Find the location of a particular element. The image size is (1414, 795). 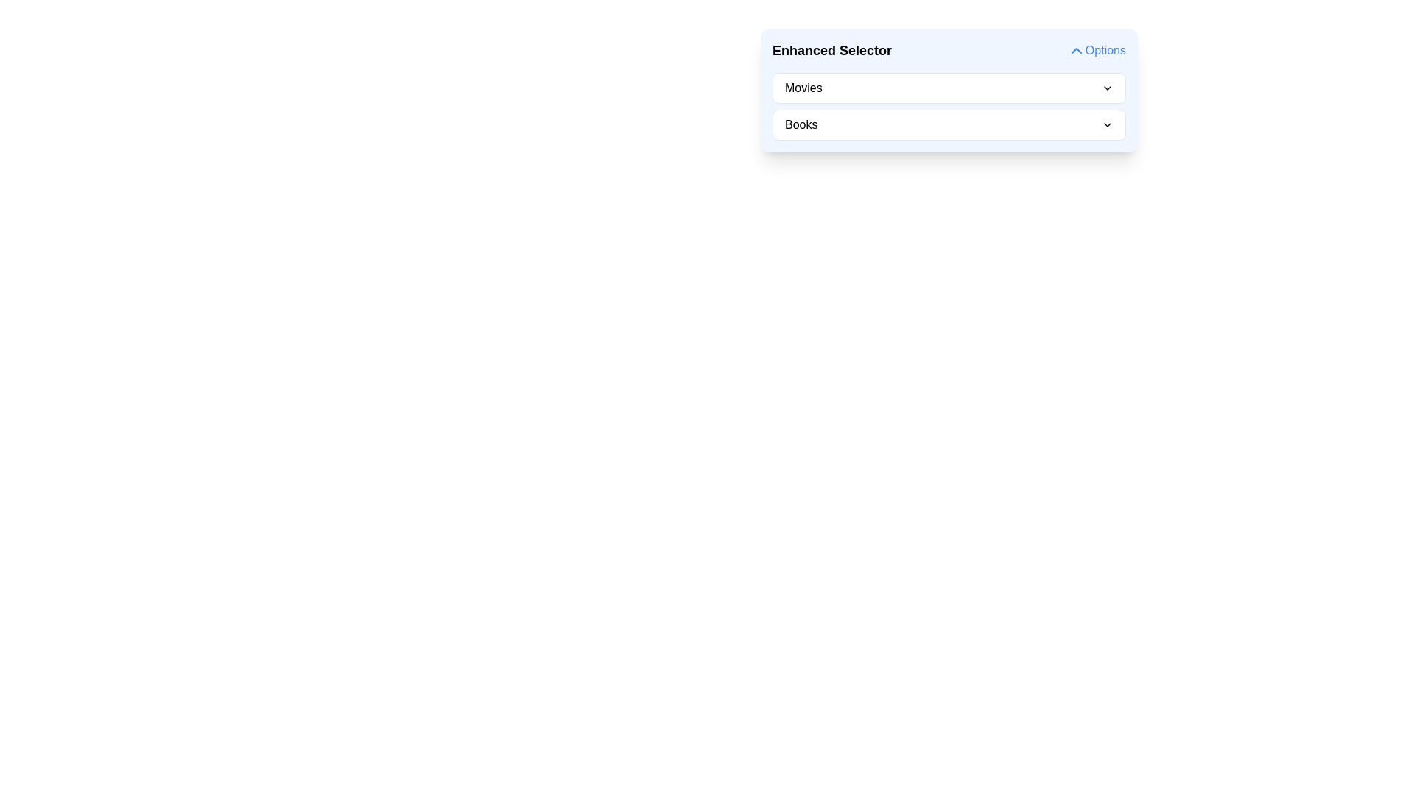

the 'Books' dropdown menu item, which is the second item in the vertical list of options is located at coordinates (949, 124).